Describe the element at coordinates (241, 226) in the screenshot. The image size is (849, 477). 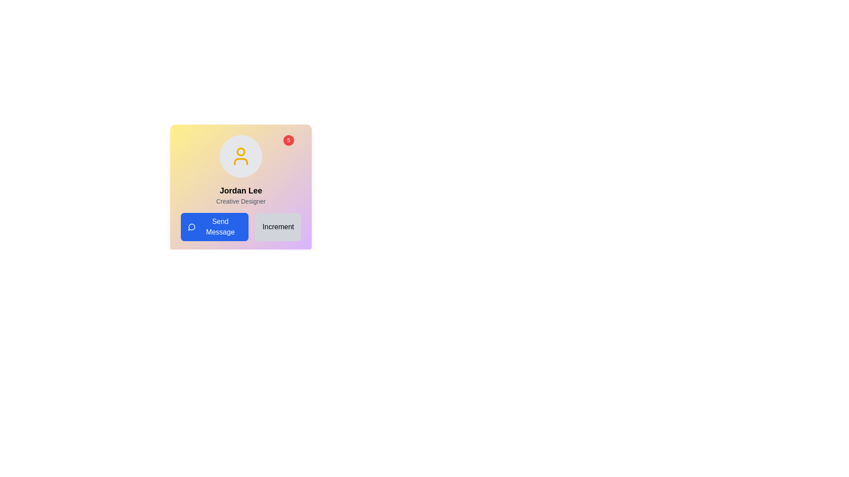
I see `the blue 'Send Message' button located at the bottom section of the card displaying user details for 'Jordan Lee'` at that location.